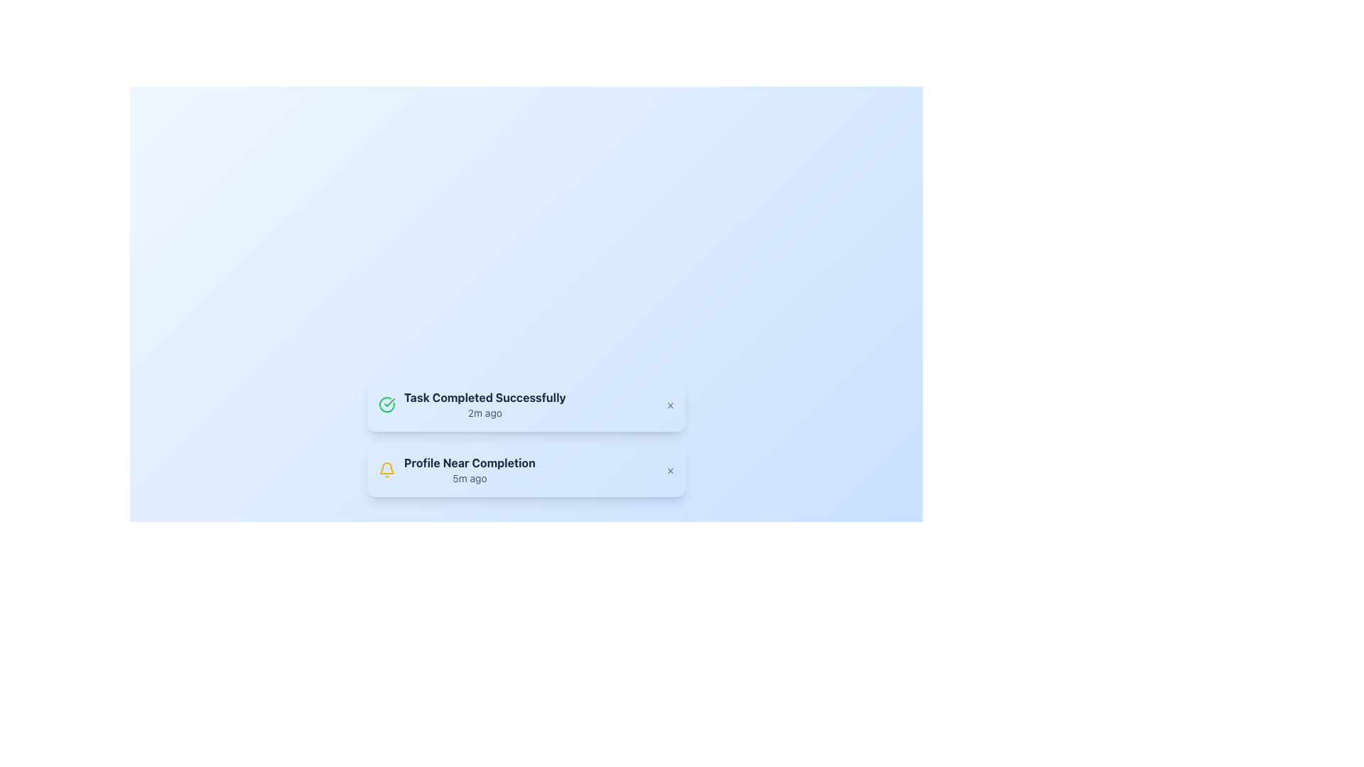 The image size is (1364, 767). What do you see at coordinates (389, 403) in the screenshot?
I see `the green check mark icon located on the left side of the notification that reads 'Task Completed Successfully'` at bounding box center [389, 403].